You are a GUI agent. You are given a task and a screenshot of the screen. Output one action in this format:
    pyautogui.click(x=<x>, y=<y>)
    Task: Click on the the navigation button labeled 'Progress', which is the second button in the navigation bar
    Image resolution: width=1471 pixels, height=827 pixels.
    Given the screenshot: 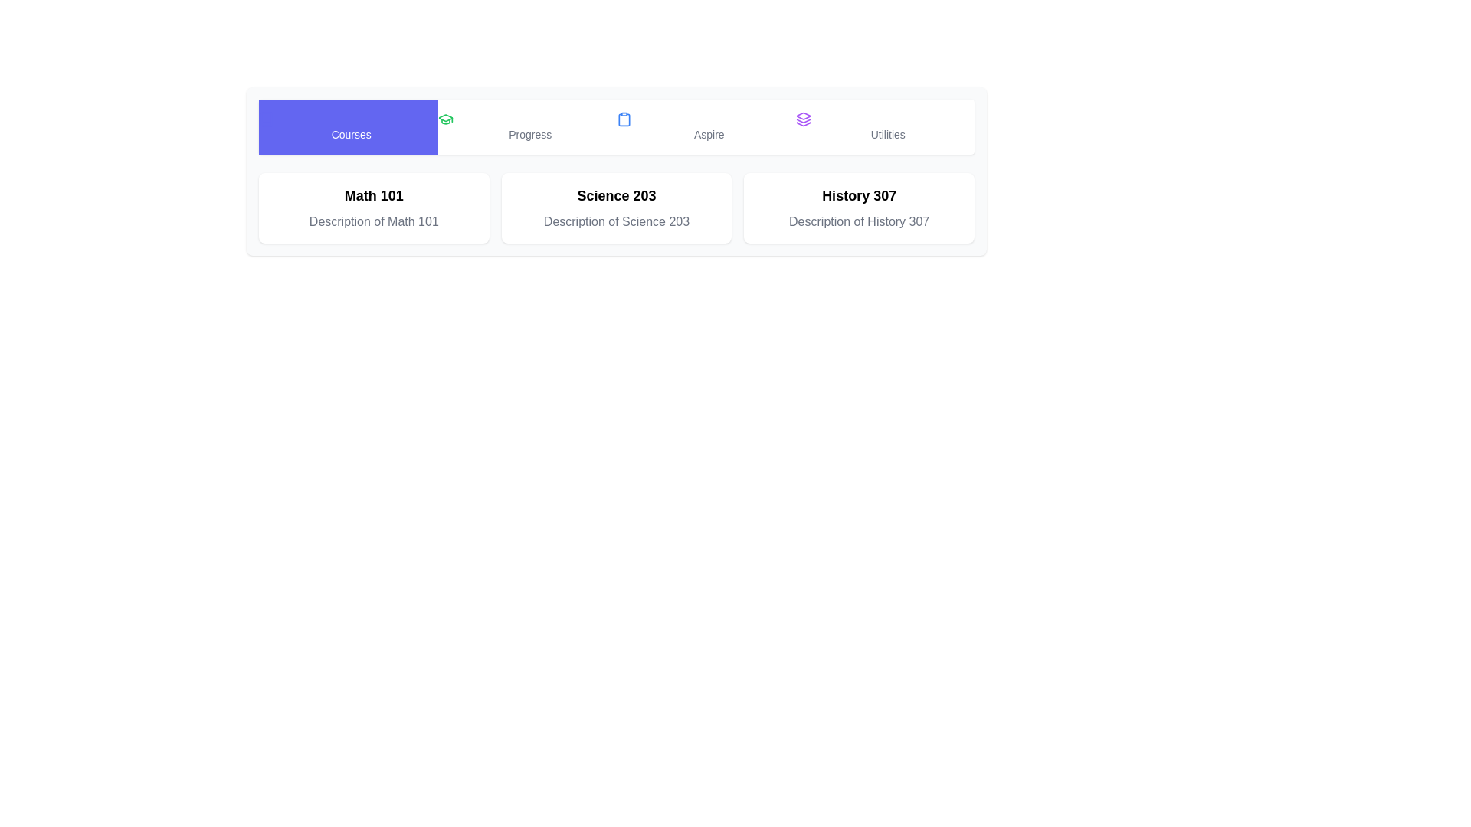 What is the action you would take?
    pyautogui.click(x=527, y=126)
    